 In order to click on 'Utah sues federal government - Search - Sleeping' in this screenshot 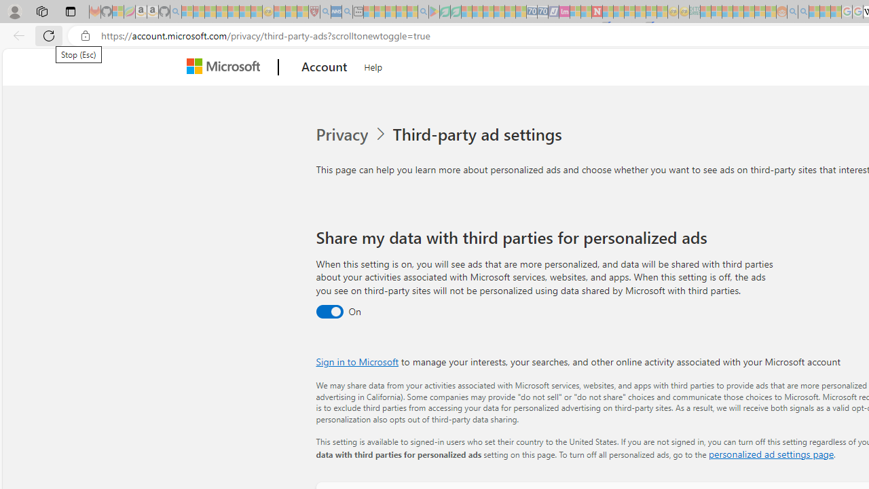, I will do `click(804, 12)`.